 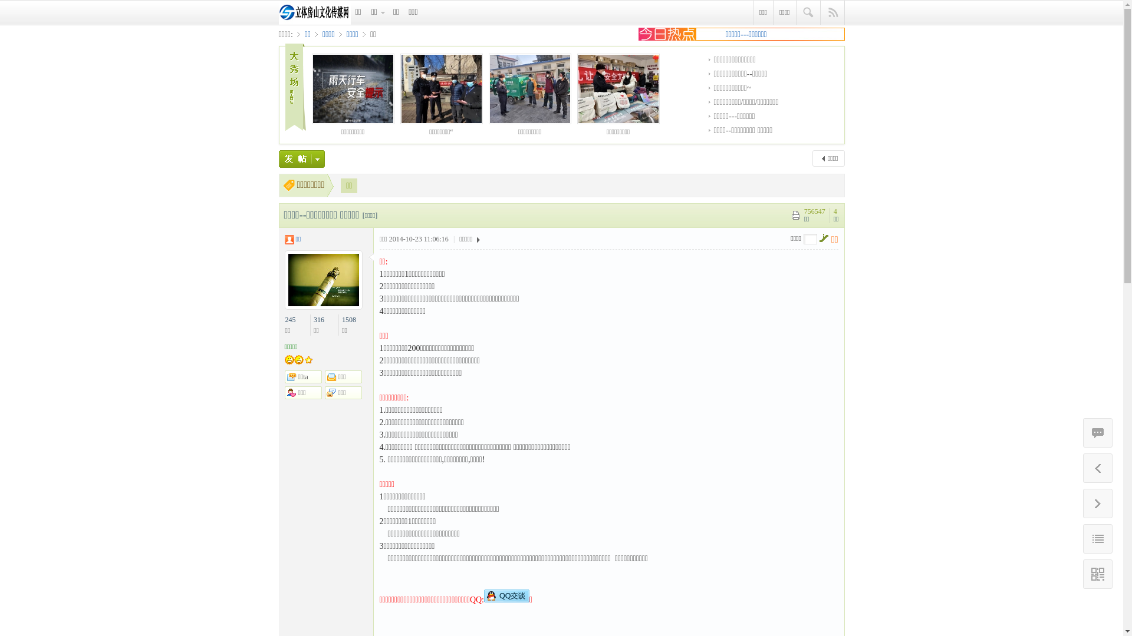 What do you see at coordinates (291, 320) in the screenshot?
I see `'245'` at bounding box center [291, 320].